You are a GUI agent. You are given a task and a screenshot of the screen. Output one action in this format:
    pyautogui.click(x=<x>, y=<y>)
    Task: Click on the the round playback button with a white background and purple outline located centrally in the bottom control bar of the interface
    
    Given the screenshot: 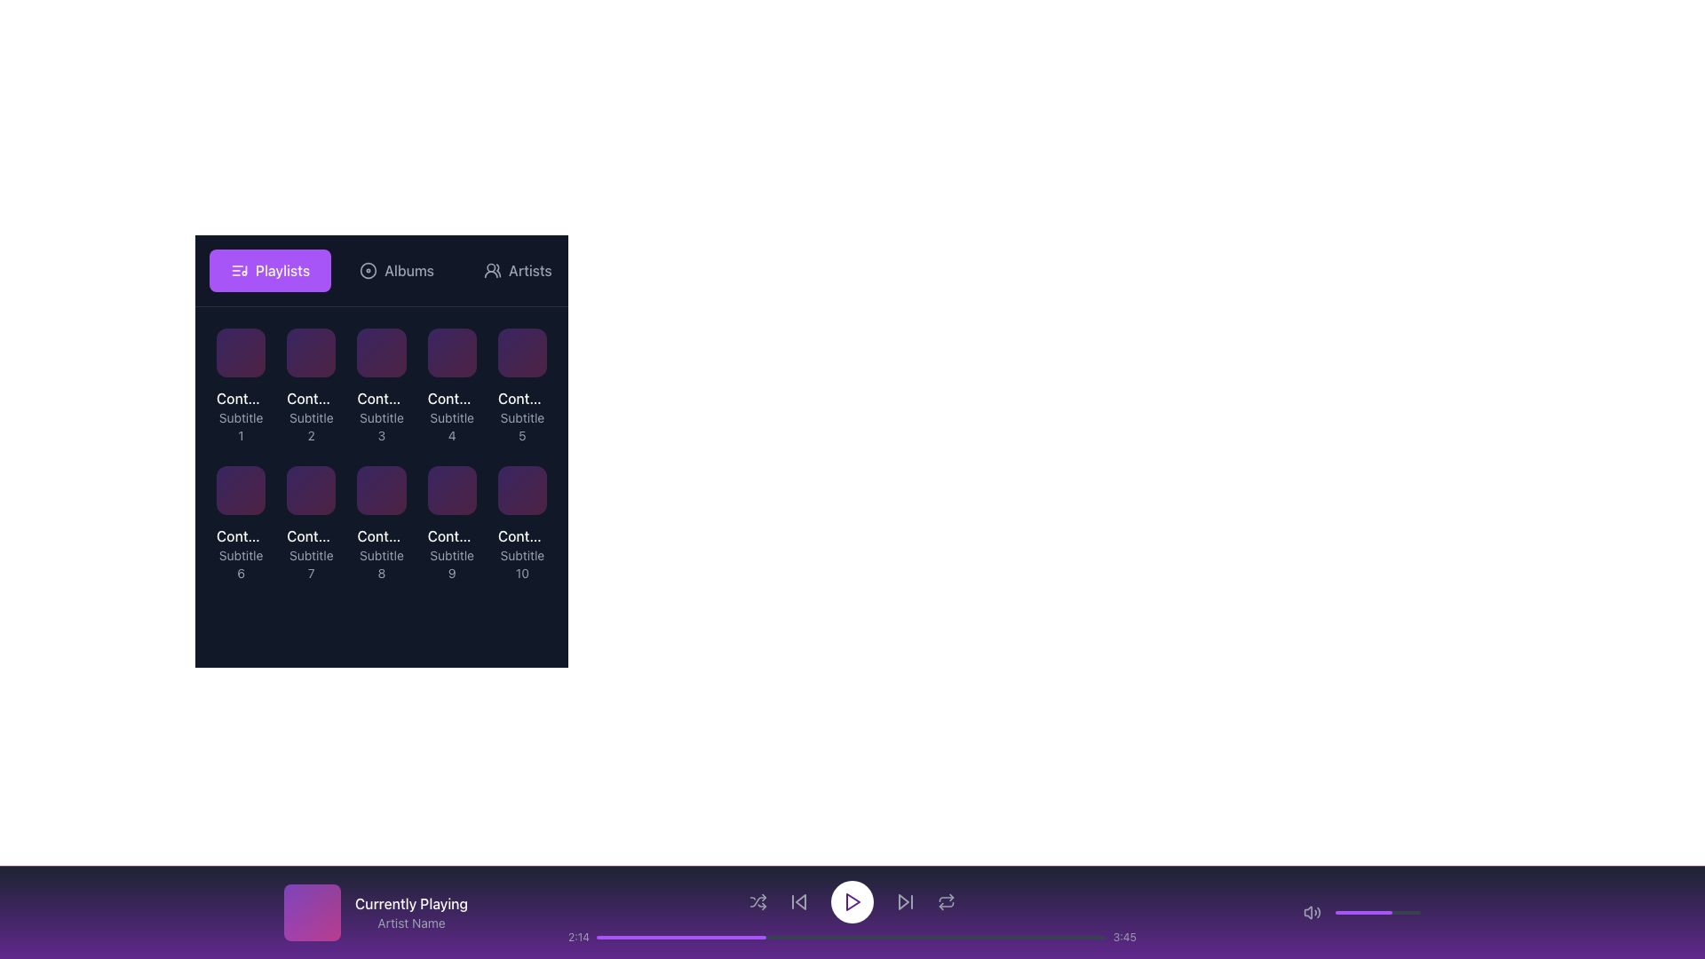 What is the action you would take?
    pyautogui.click(x=852, y=901)
    